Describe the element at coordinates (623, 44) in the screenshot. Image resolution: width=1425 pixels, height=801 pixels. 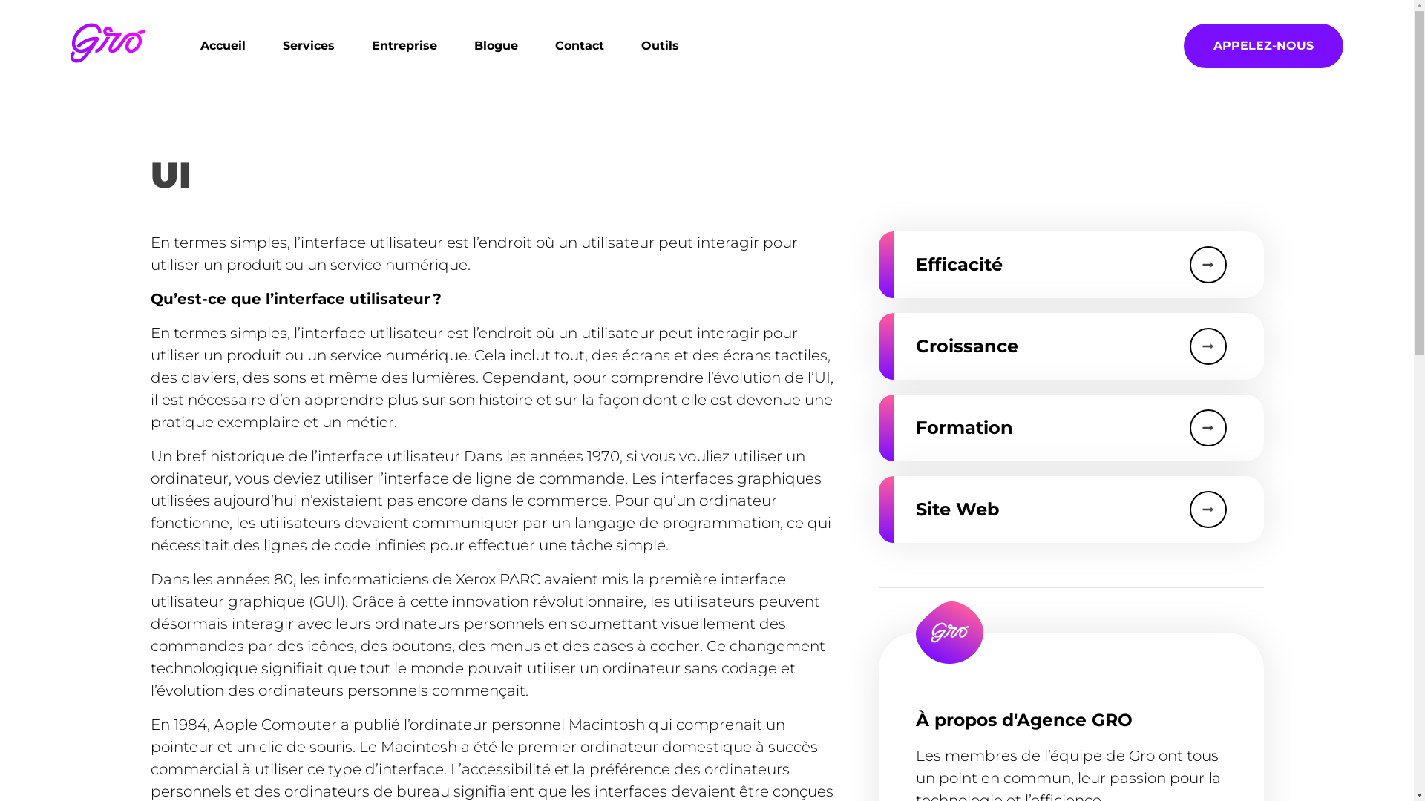
I see `'Outils'` at that location.